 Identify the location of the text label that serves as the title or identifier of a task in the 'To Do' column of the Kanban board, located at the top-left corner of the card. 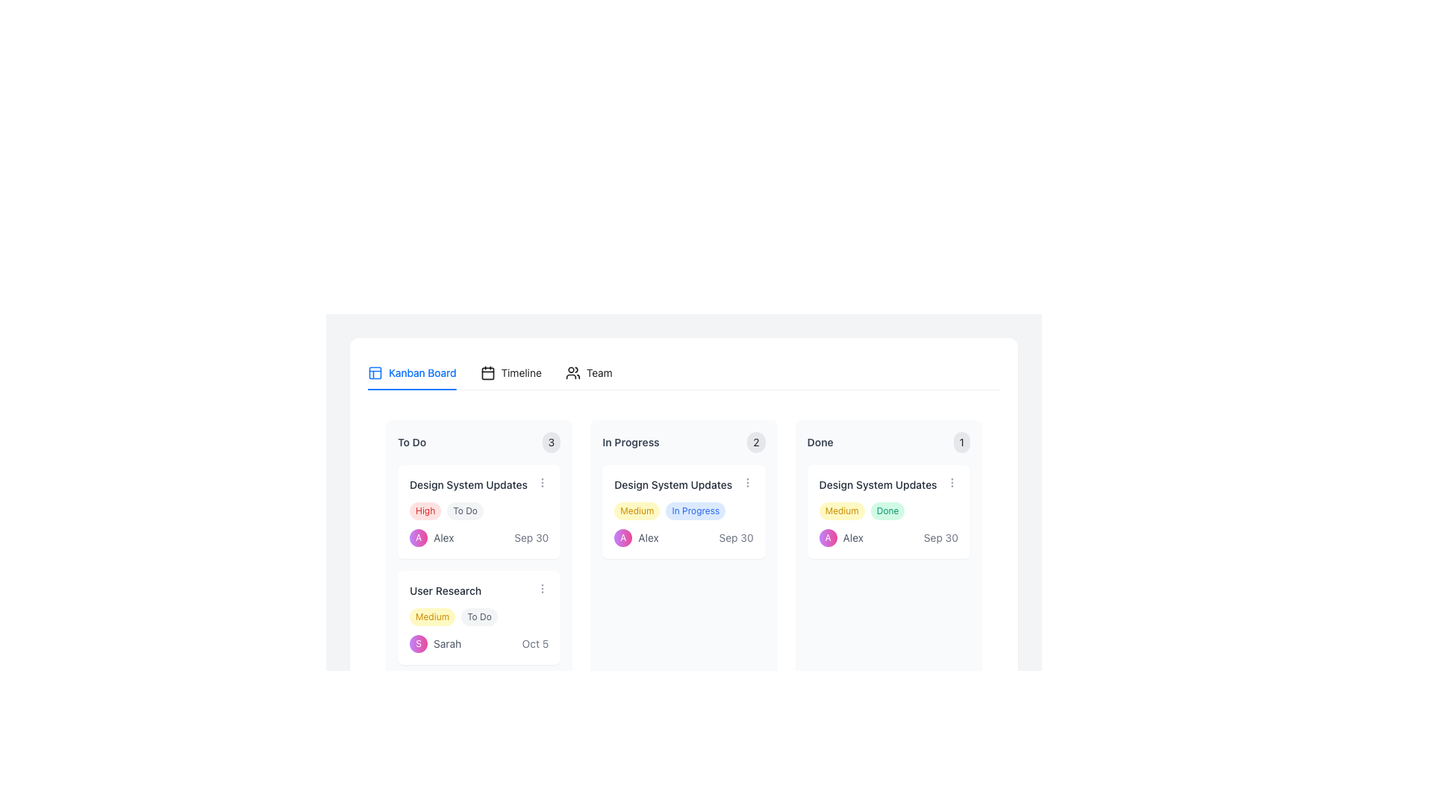
(479, 590).